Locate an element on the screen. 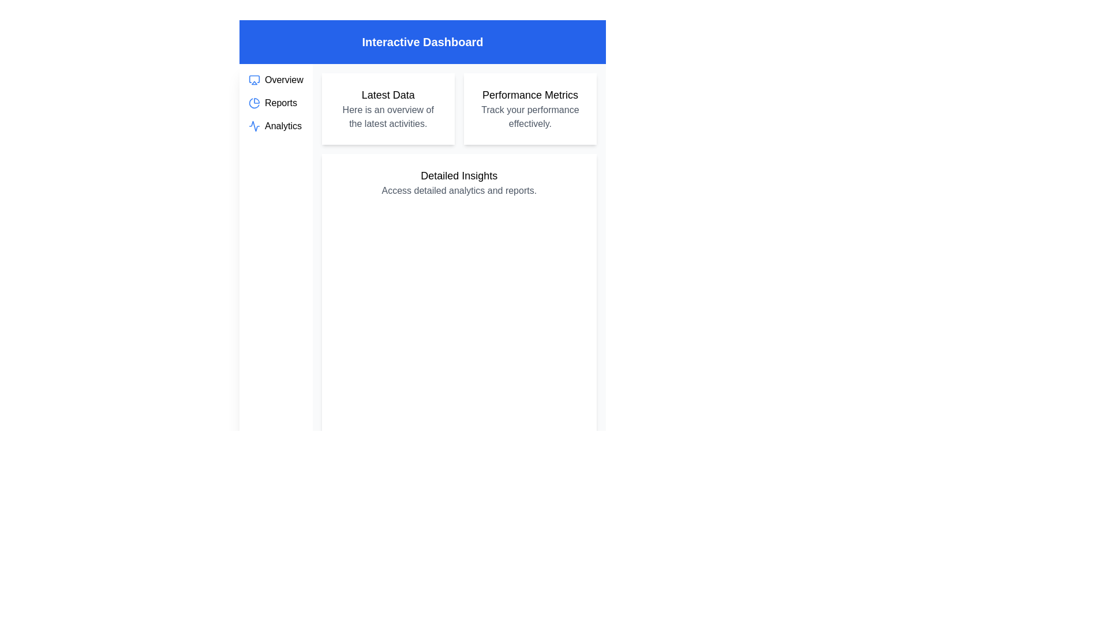 The image size is (1108, 623). the 'Reports' label in the vertical navigation menu located in the leftmost sidebar of the application interface is located at coordinates (275, 102).